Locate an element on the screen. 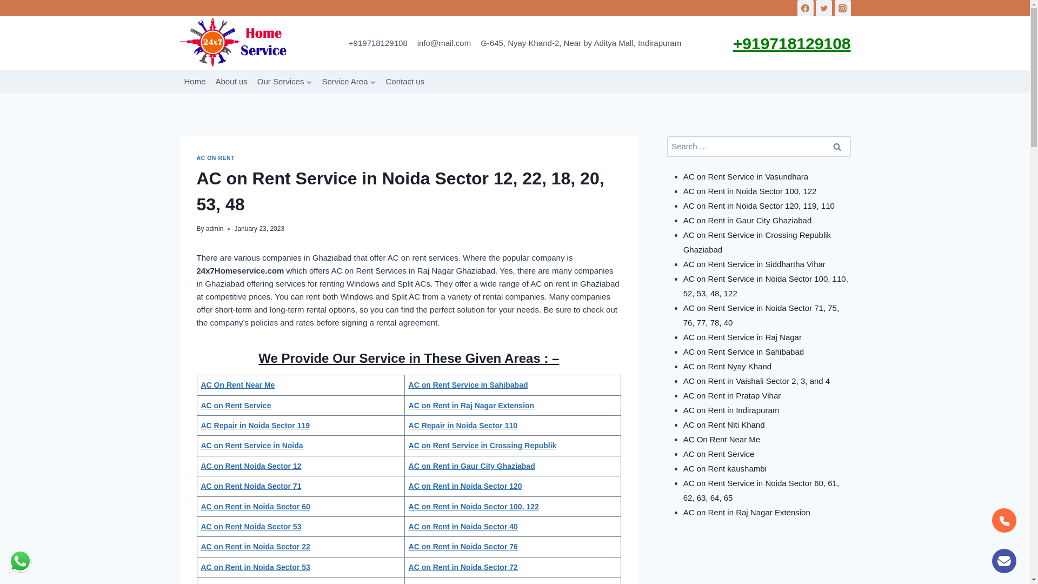 Image resolution: width=1038 pixels, height=584 pixels. 'AC on Rent in Noida Sector 60' is located at coordinates (255, 507).